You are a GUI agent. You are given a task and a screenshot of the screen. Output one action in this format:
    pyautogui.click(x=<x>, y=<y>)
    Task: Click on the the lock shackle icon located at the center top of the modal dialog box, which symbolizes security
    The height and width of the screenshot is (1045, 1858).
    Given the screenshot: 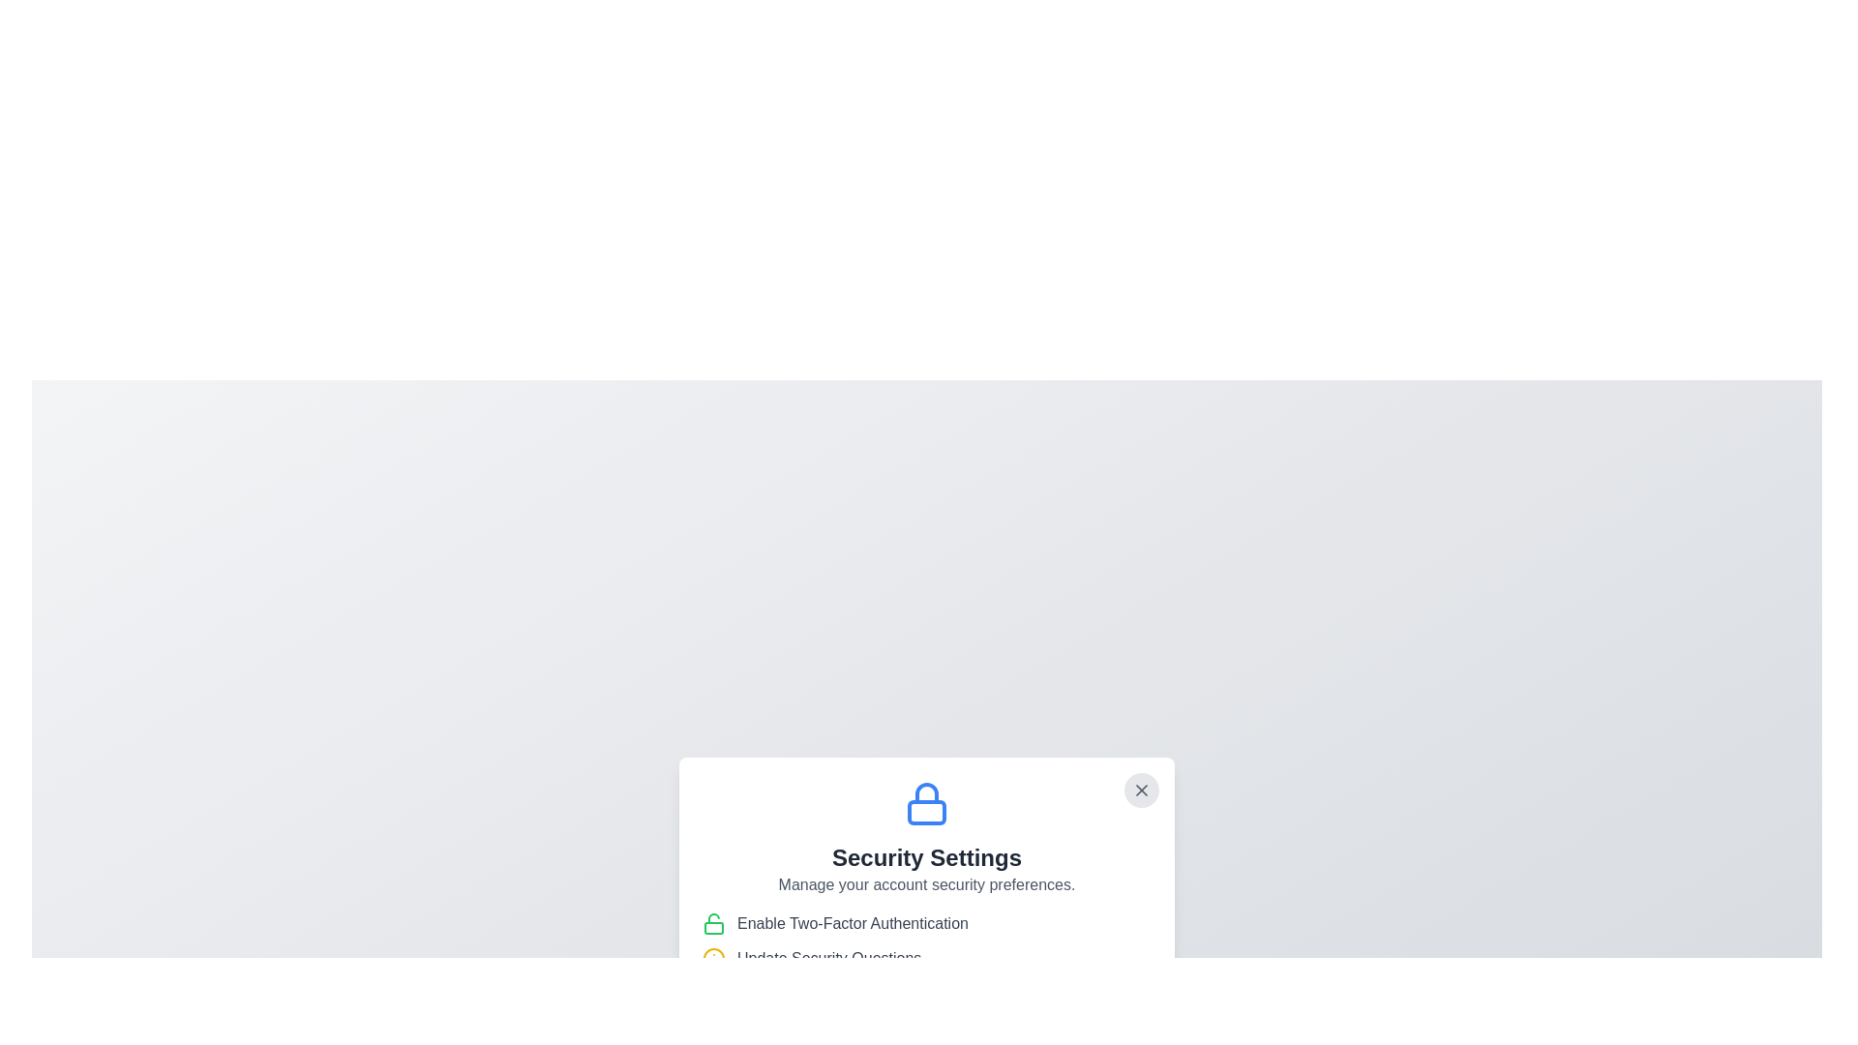 What is the action you would take?
    pyautogui.click(x=926, y=793)
    